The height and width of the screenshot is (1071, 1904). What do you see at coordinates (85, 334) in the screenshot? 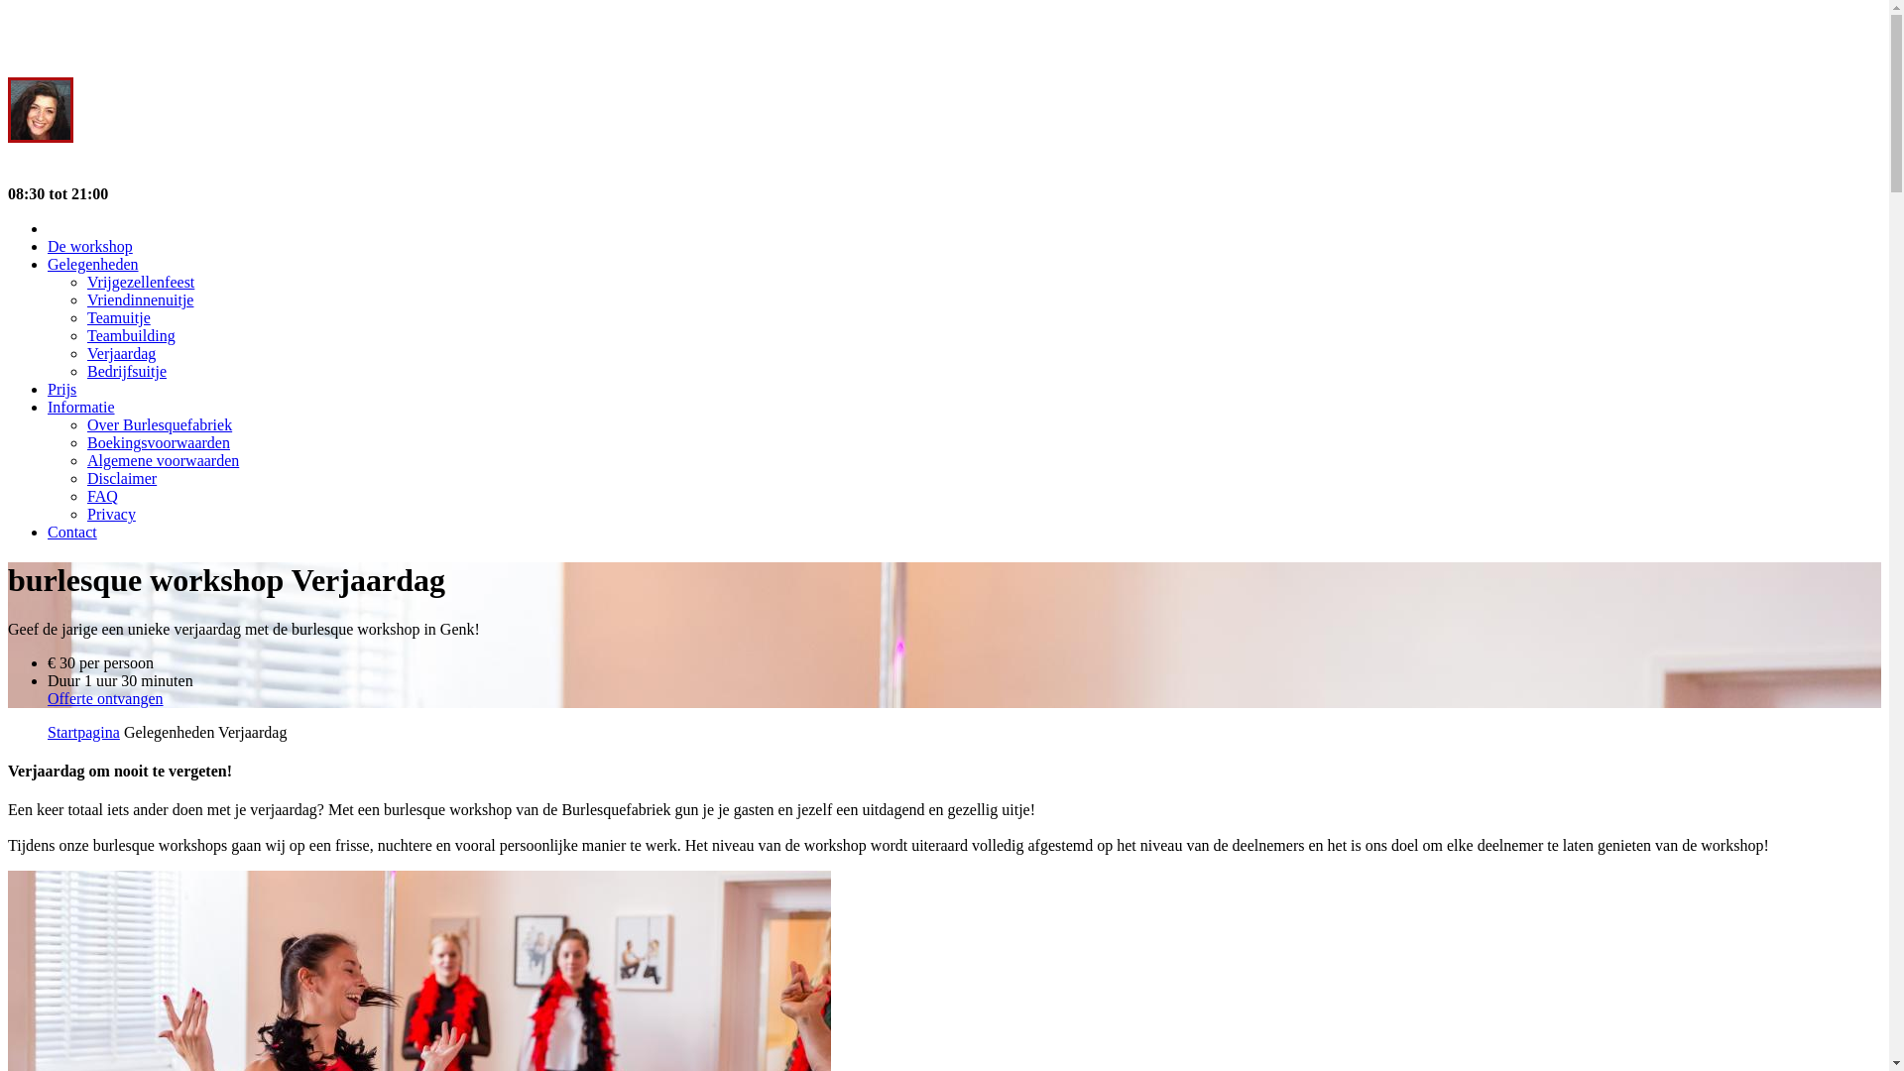
I see `'Teambuilding'` at bounding box center [85, 334].